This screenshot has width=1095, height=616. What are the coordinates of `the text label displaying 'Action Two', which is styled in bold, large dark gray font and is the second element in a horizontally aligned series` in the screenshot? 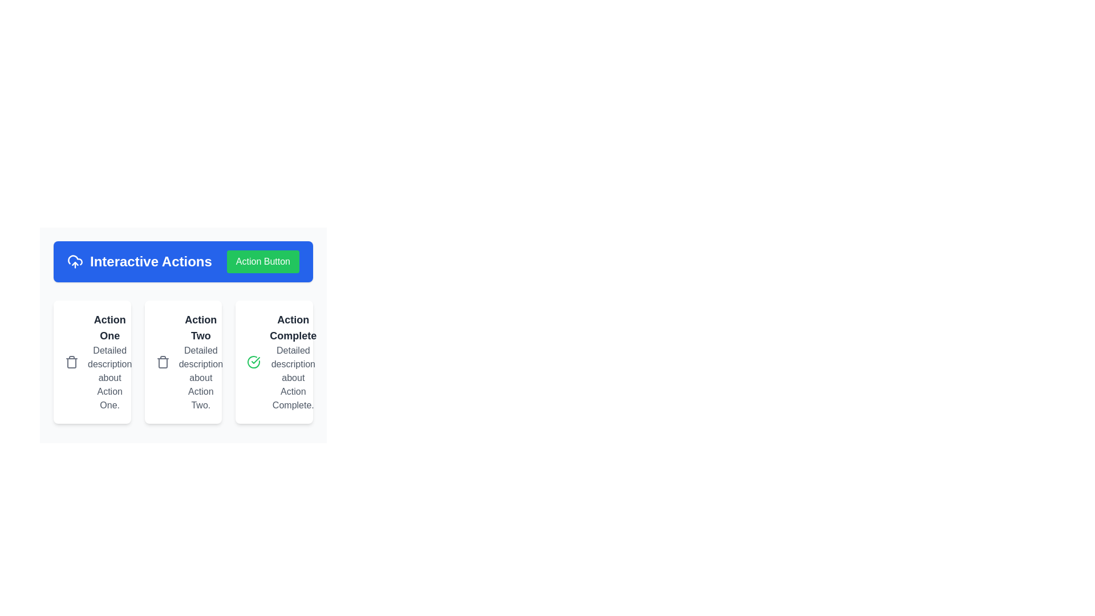 It's located at (201, 327).